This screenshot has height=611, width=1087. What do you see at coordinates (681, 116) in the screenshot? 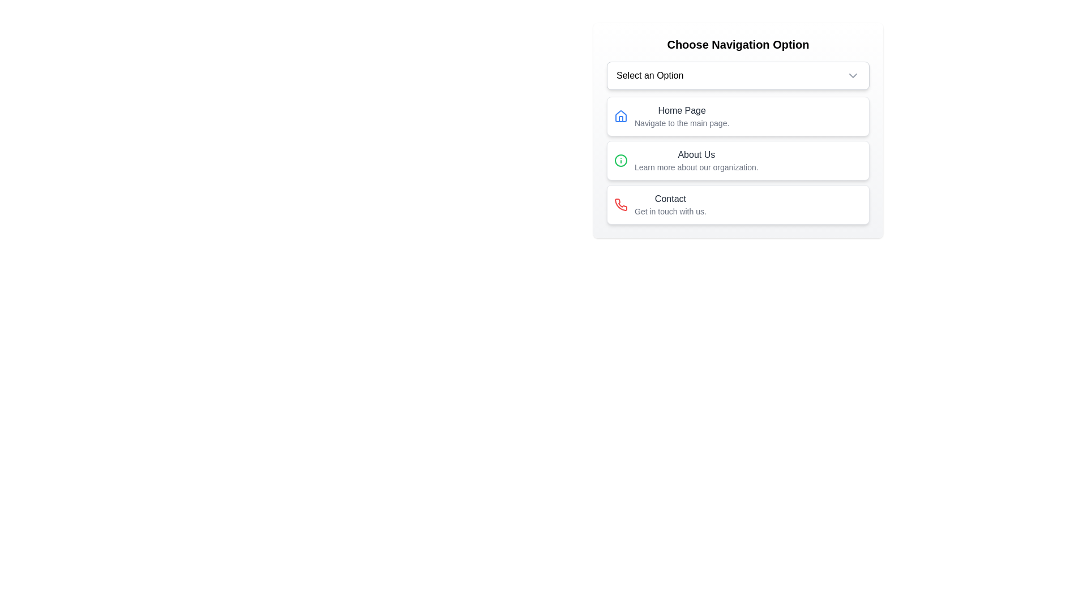
I see `the 'Home Page' button in the top center-right navigation menu` at bounding box center [681, 116].